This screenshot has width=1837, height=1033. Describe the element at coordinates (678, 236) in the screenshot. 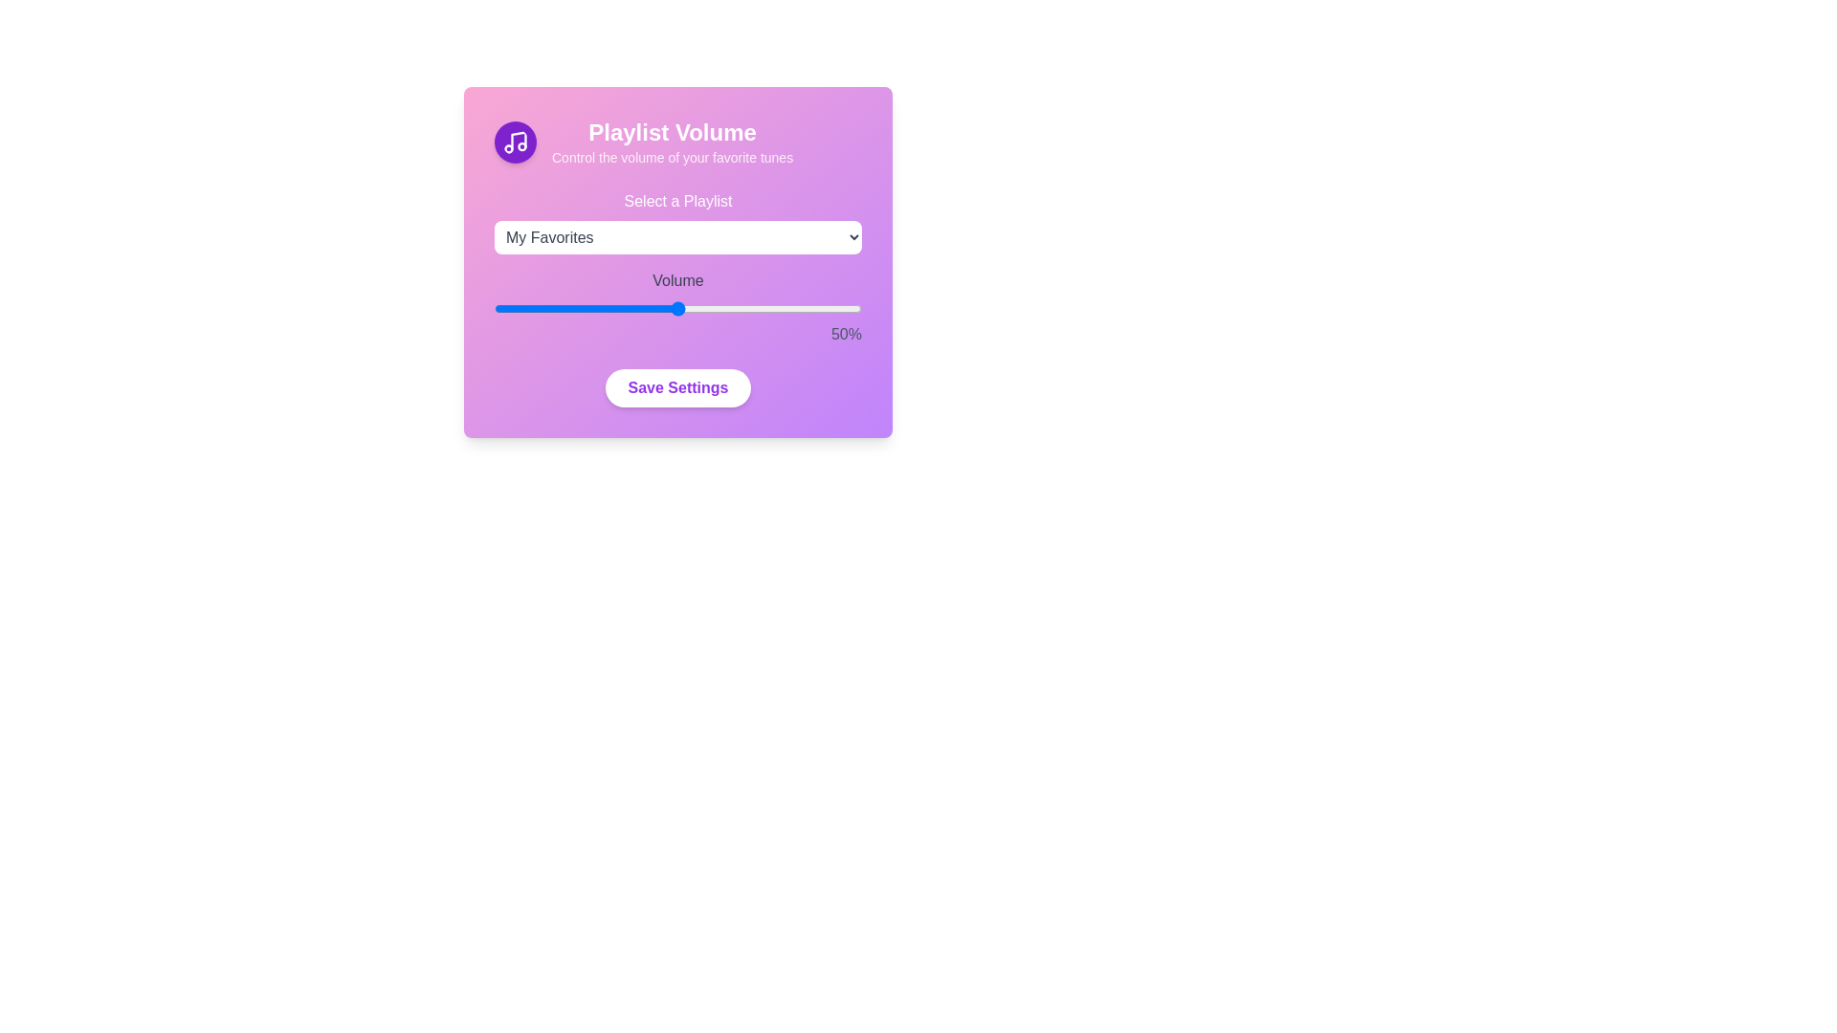

I see `the playlist Workout Tunes from the dropdown menu` at that location.